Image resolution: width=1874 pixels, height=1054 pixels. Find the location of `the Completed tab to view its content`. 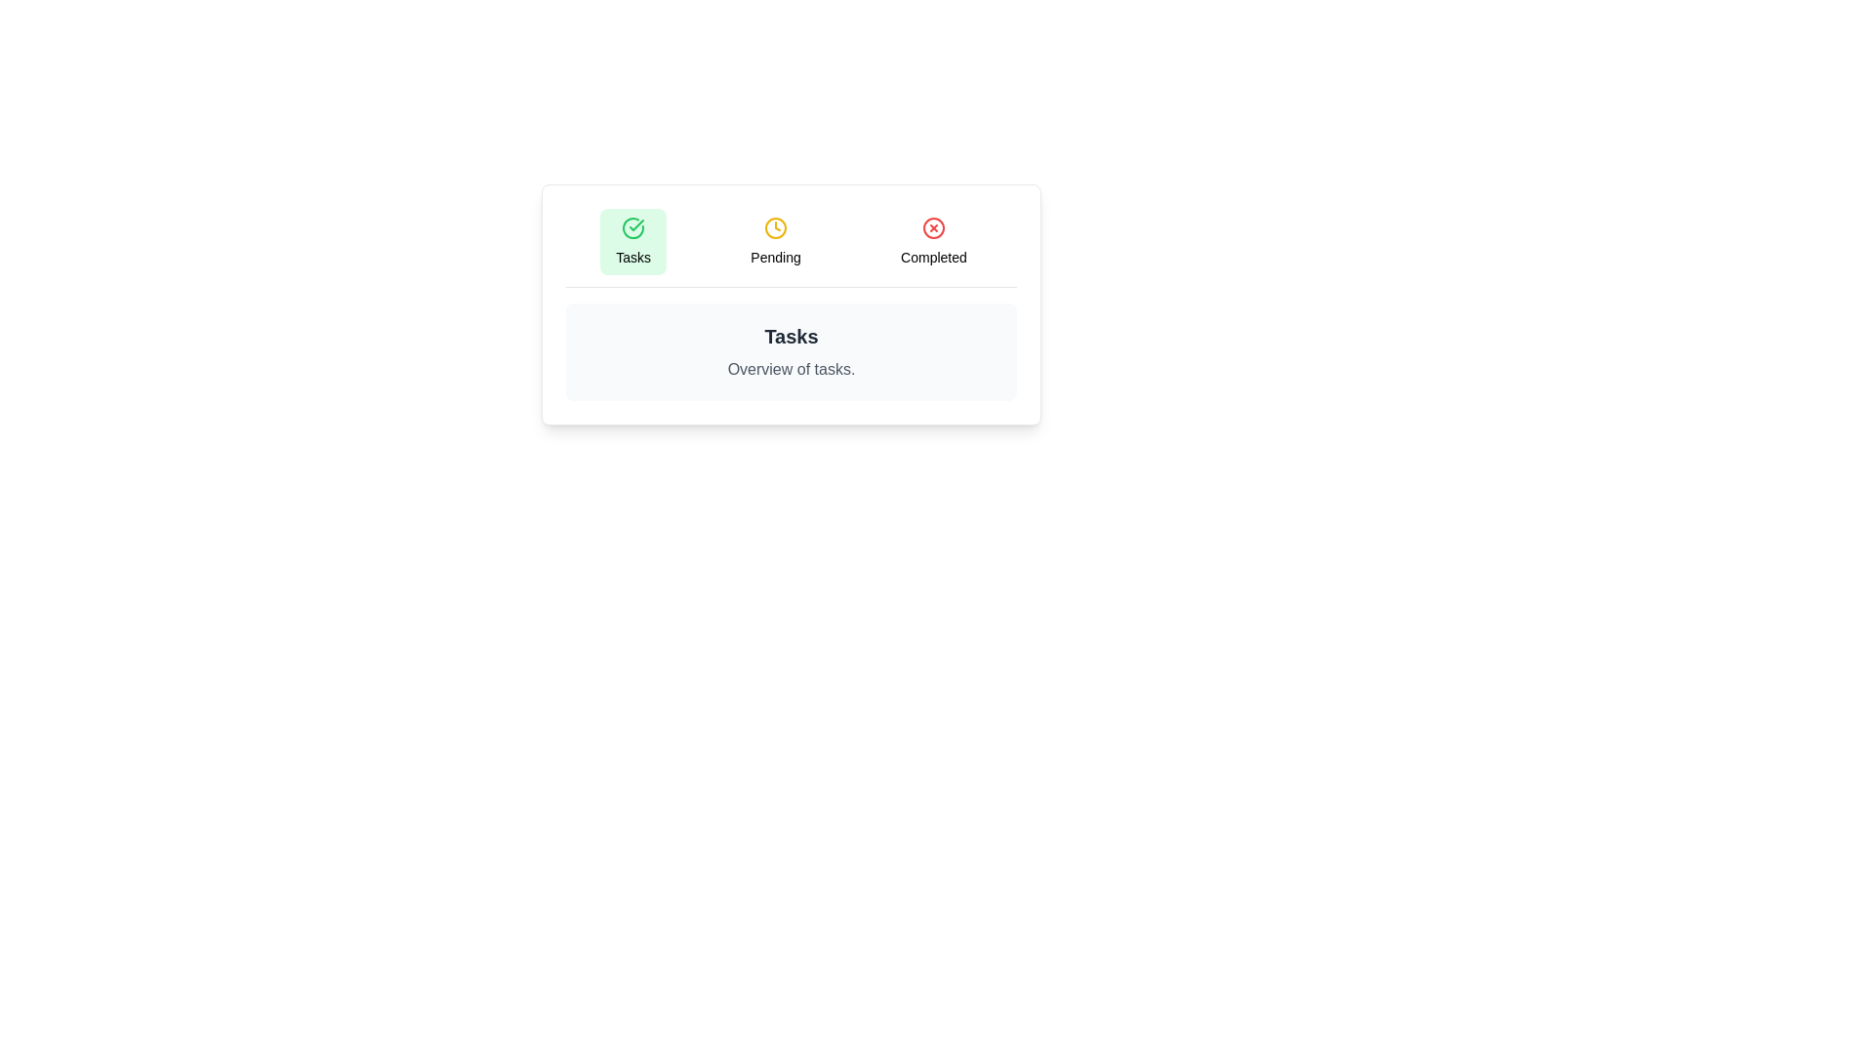

the Completed tab to view its content is located at coordinates (931, 240).